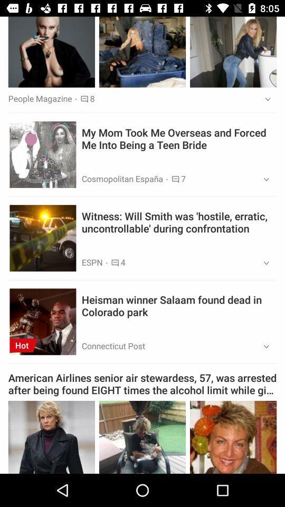 This screenshot has height=507, width=285. What do you see at coordinates (262, 262) in the screenshot?
I see `item above the heisman winner salaam` at bounding box center [262, 262].